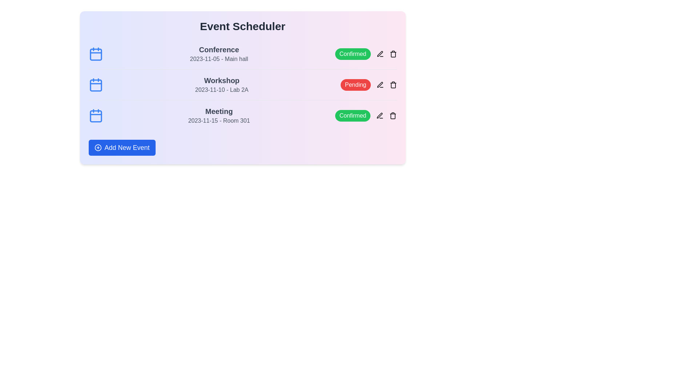 The image size is (698, 392). Describe the element at coordinates (95, 85) in the screenshot. I see `the inner rounded rectangle component of the second calendar icon from the top in the left column of the event scheduler` at that location.